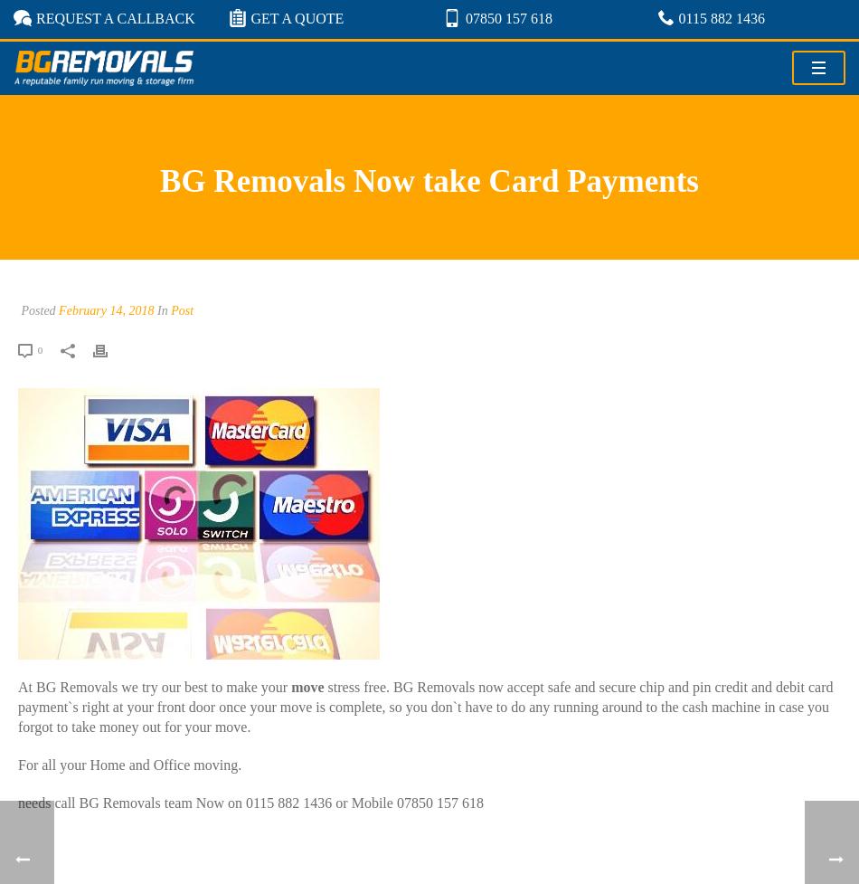  Describe the element at coordinates (250, 802) in the screenshot. I see `'needs call BG Removals team Now on 0115 882 1436 or Mobile 07850 157 618'` at that location.